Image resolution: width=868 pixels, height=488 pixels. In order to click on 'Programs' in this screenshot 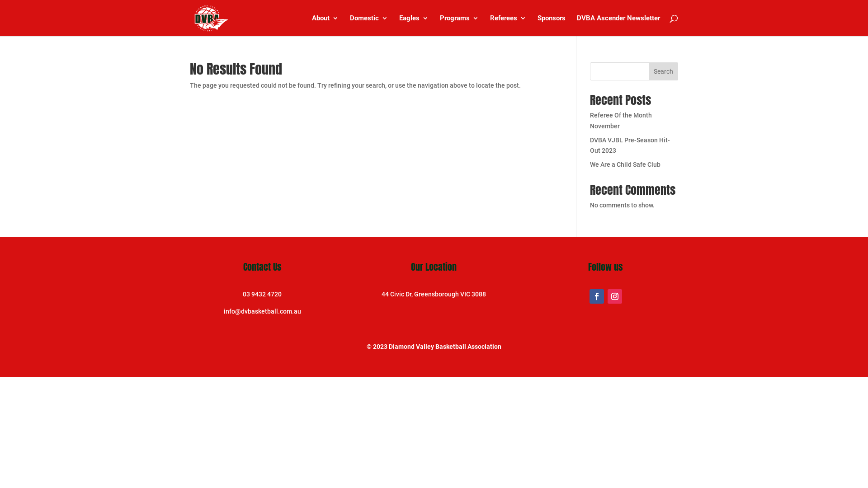, I will do `click(459, 25)`.